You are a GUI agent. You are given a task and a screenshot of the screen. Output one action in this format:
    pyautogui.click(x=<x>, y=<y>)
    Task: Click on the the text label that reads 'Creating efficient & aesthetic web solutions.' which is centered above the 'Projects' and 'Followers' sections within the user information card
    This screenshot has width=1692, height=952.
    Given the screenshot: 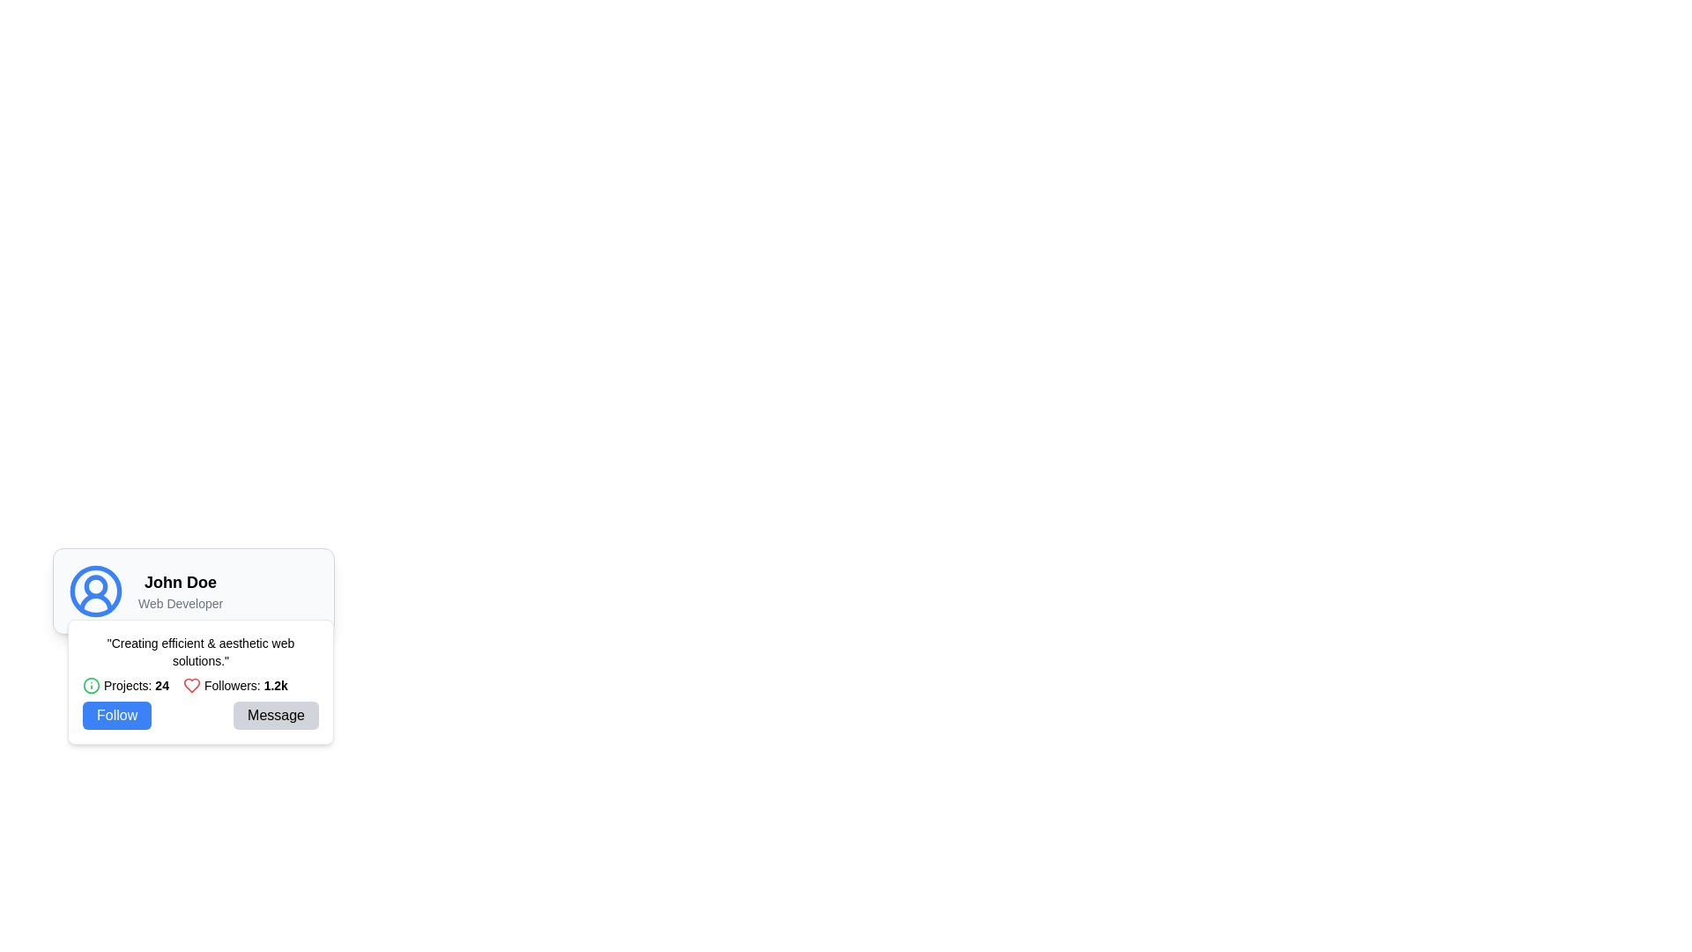 What is the action you would take?
    pyautogui.click(x=200, y=652)
    